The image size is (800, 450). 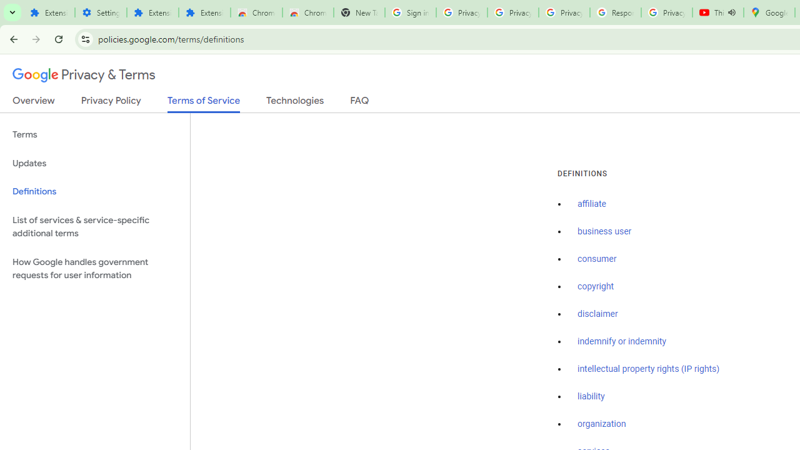 I want to click on 'consumer', so click(x=596, y=259).